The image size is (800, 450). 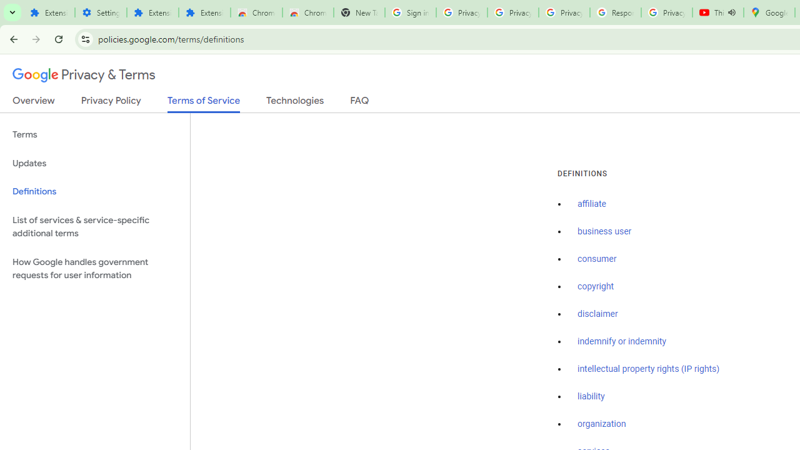 I want to click on 'consumer', so click(x=596, y=259).